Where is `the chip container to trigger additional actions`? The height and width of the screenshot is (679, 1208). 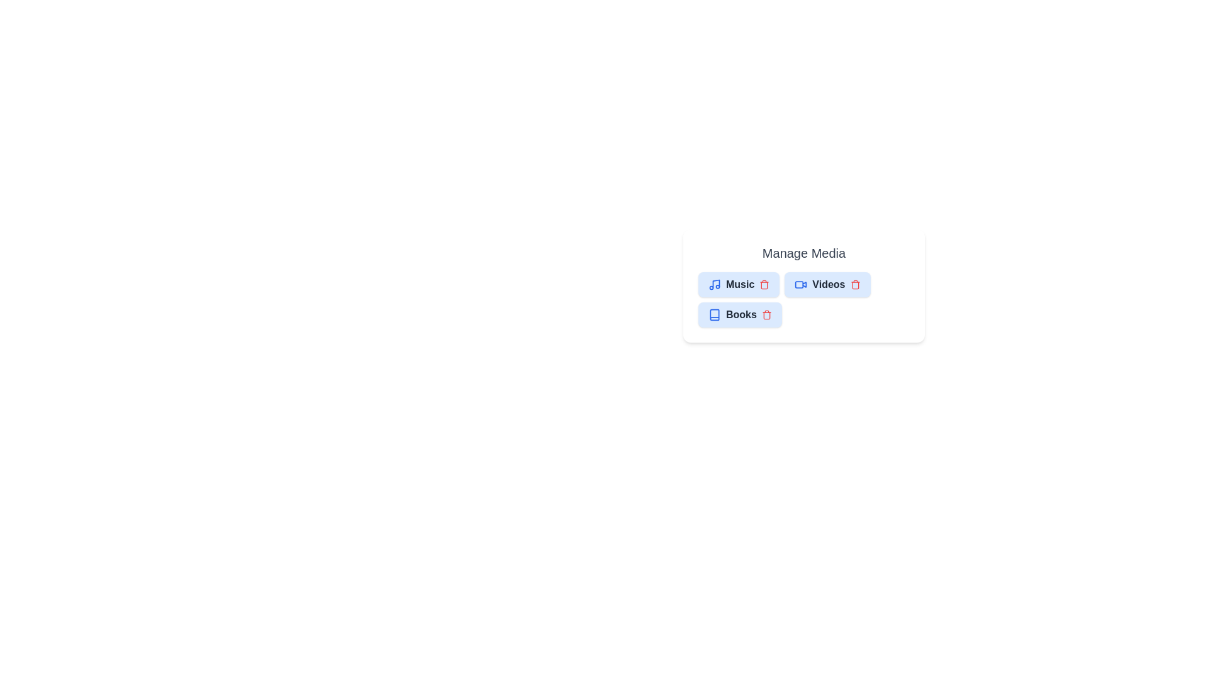 the chip container to trigger additional actions is located at coordinates (803, 286).